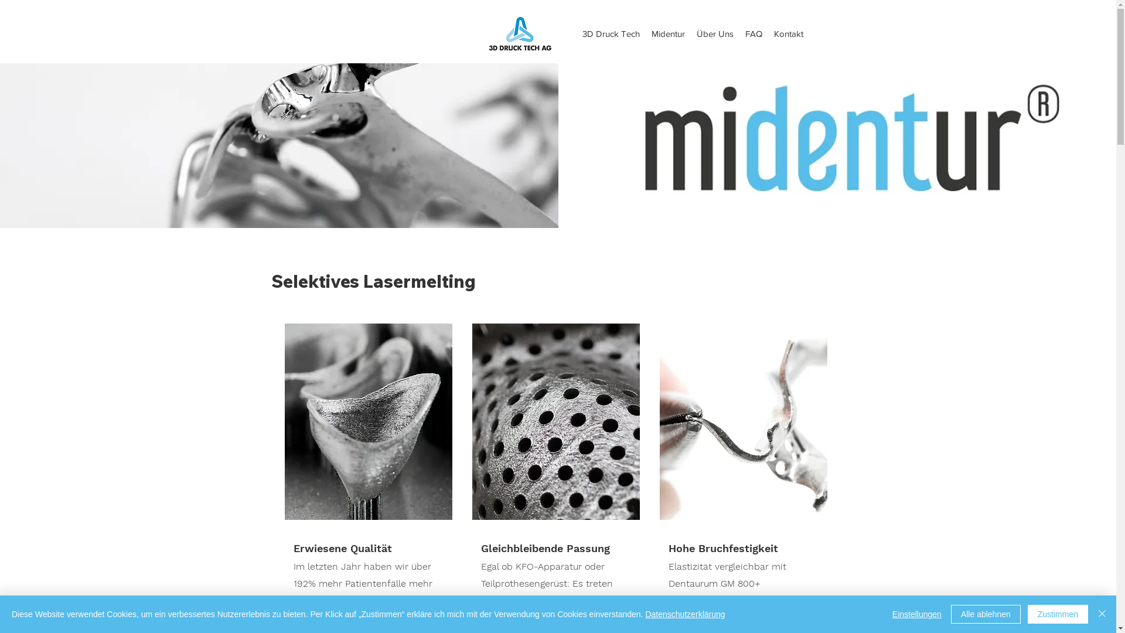 The height and width of the screenshot is (633, 1125). Describe the element at coordinates (668, 33) in the screenshot. I see `'Midentur'` at that location.